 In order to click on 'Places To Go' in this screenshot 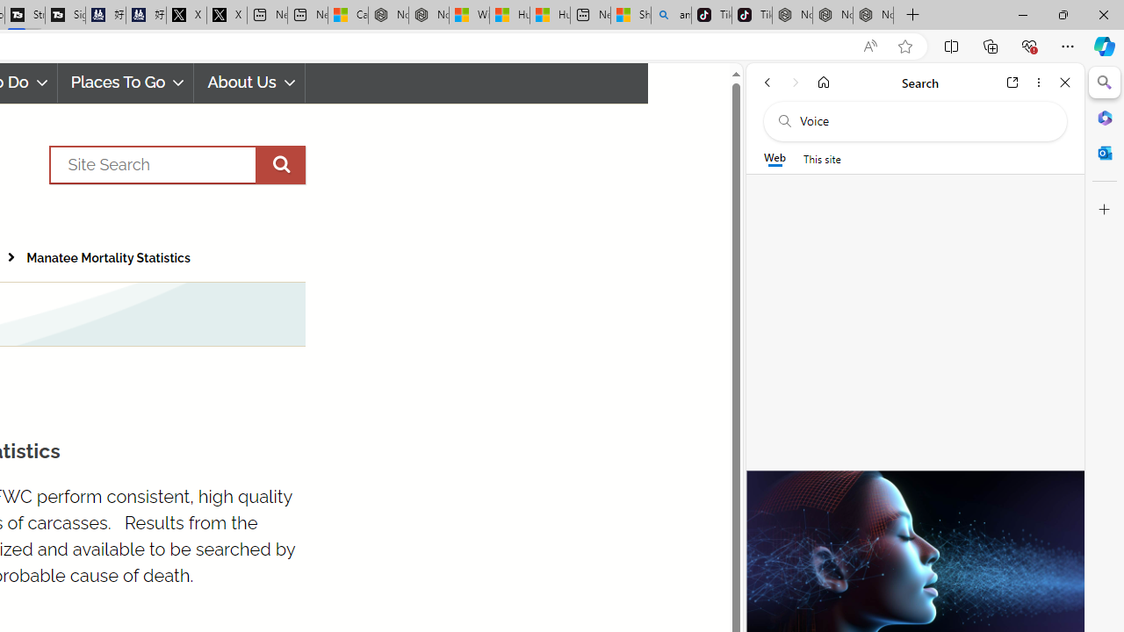, I will do `click(125, 83)`.